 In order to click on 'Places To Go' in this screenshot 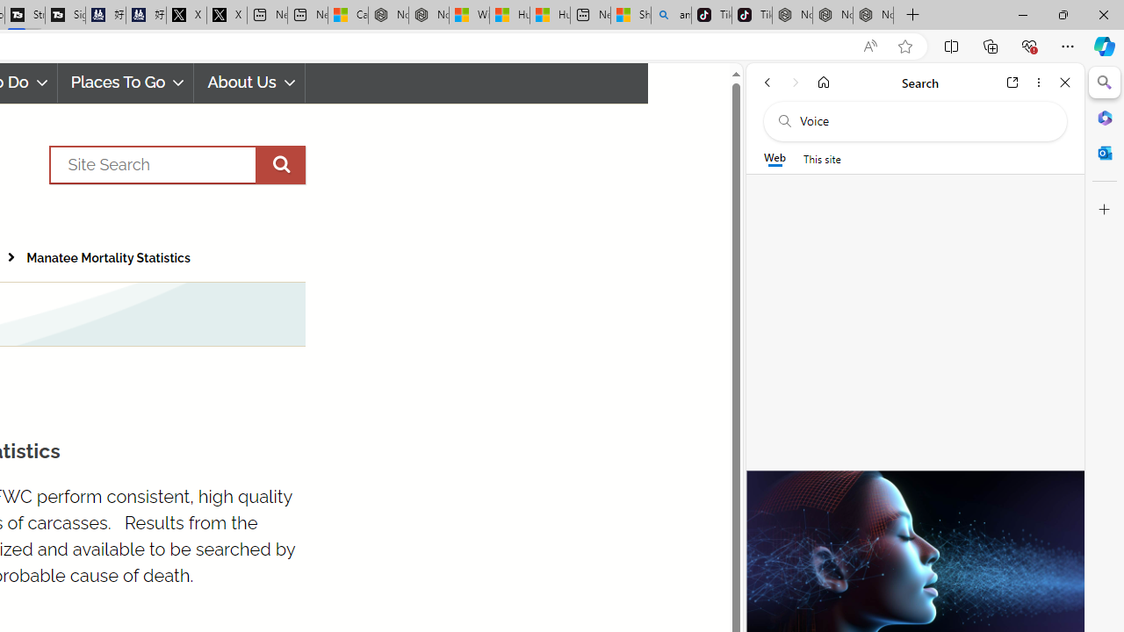, I will do `click(125, 83)`.